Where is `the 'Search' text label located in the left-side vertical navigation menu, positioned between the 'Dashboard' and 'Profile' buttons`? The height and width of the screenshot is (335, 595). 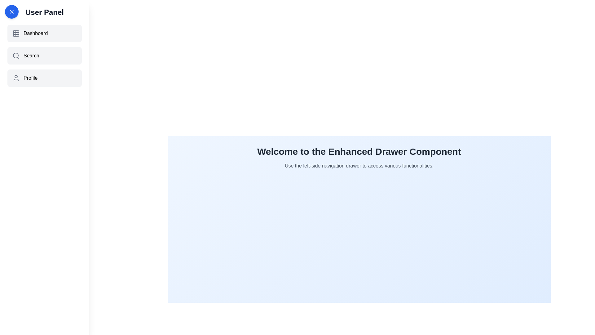
the 'Search' text label located in the left-side vertical navigation menu, positioned between the 'Dashboard' and 'Profile' buttons is located at coordinates (31, 56).